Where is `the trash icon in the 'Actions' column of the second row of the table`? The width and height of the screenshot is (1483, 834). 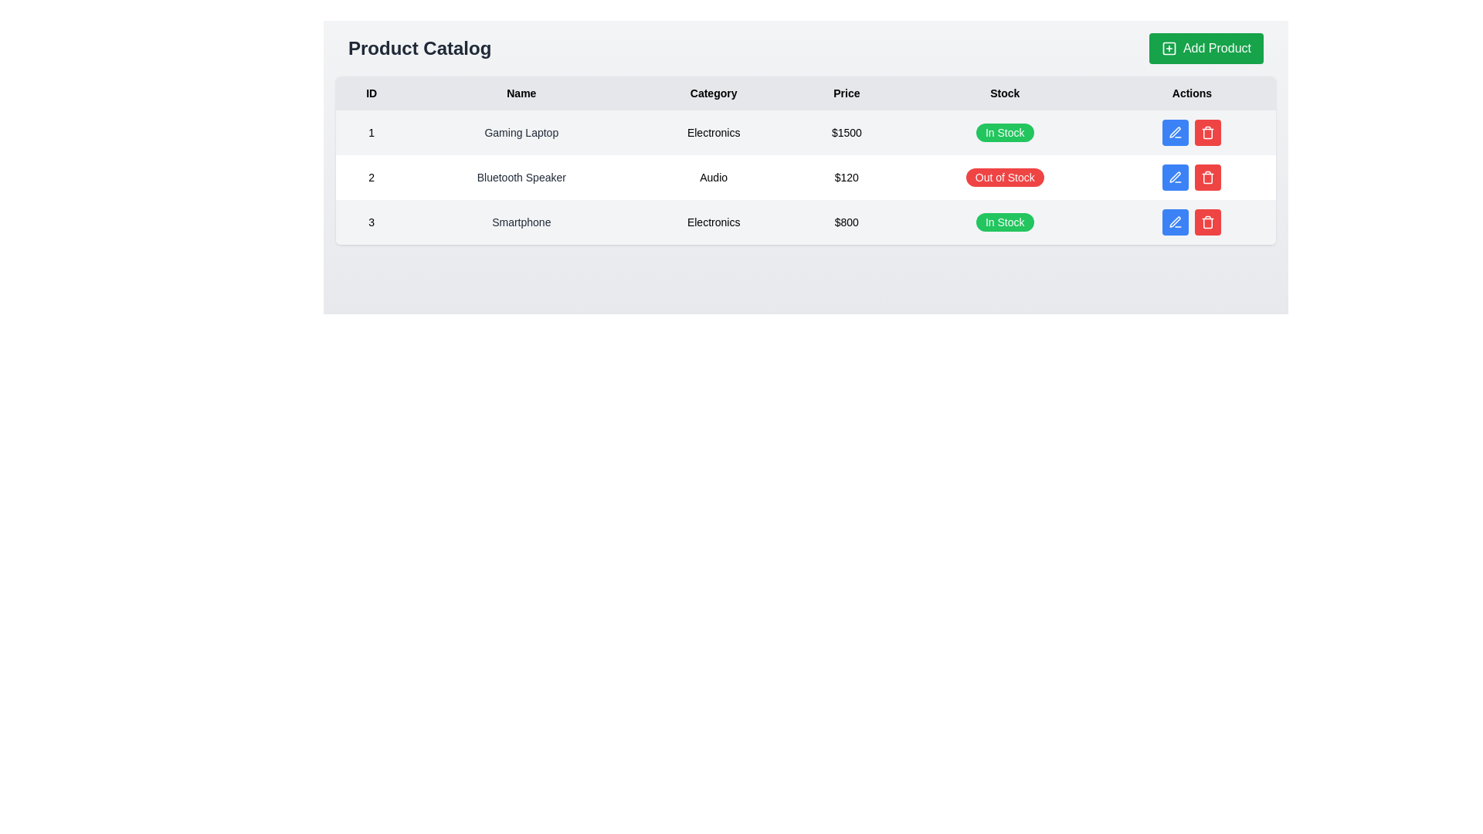
the trash icon in the 'Actions' column of the second row of the table is located at coordinates (1207, 178).